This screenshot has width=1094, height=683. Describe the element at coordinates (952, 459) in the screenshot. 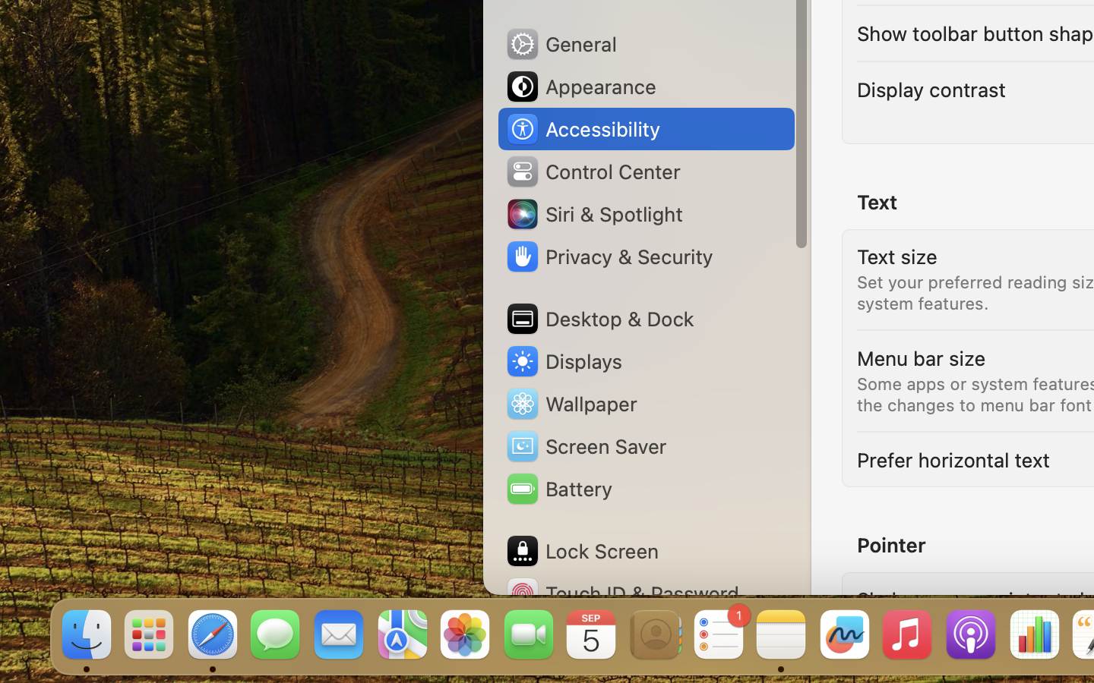

I see `'Prefer horizontal text'` at that location.